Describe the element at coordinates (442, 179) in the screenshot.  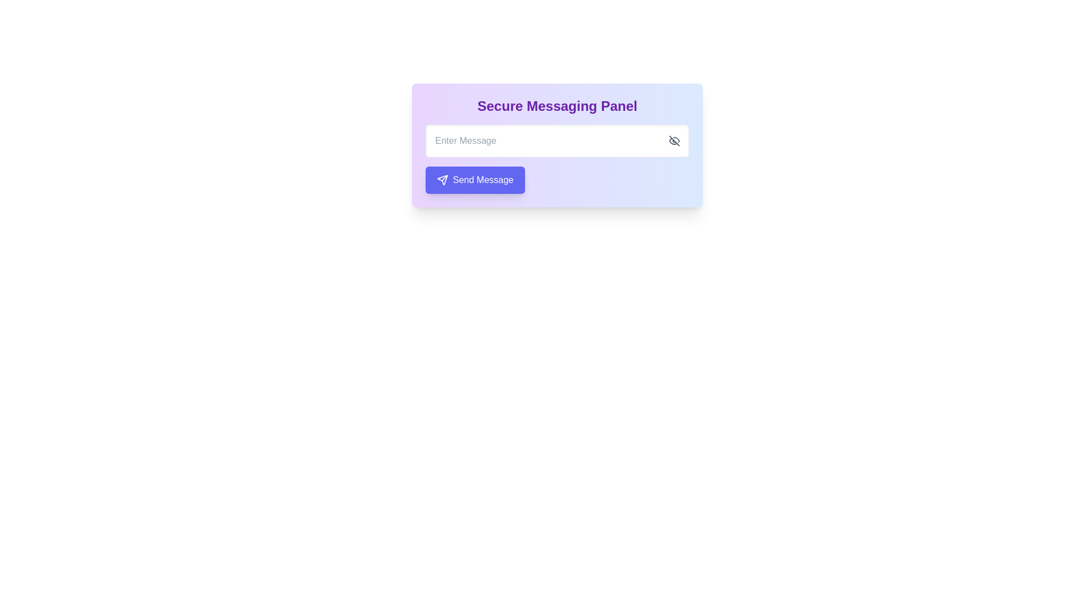
I see `the decorative icon element that signifies the send action within the 'Send Message' button located at the lower left of the interface` at that location.